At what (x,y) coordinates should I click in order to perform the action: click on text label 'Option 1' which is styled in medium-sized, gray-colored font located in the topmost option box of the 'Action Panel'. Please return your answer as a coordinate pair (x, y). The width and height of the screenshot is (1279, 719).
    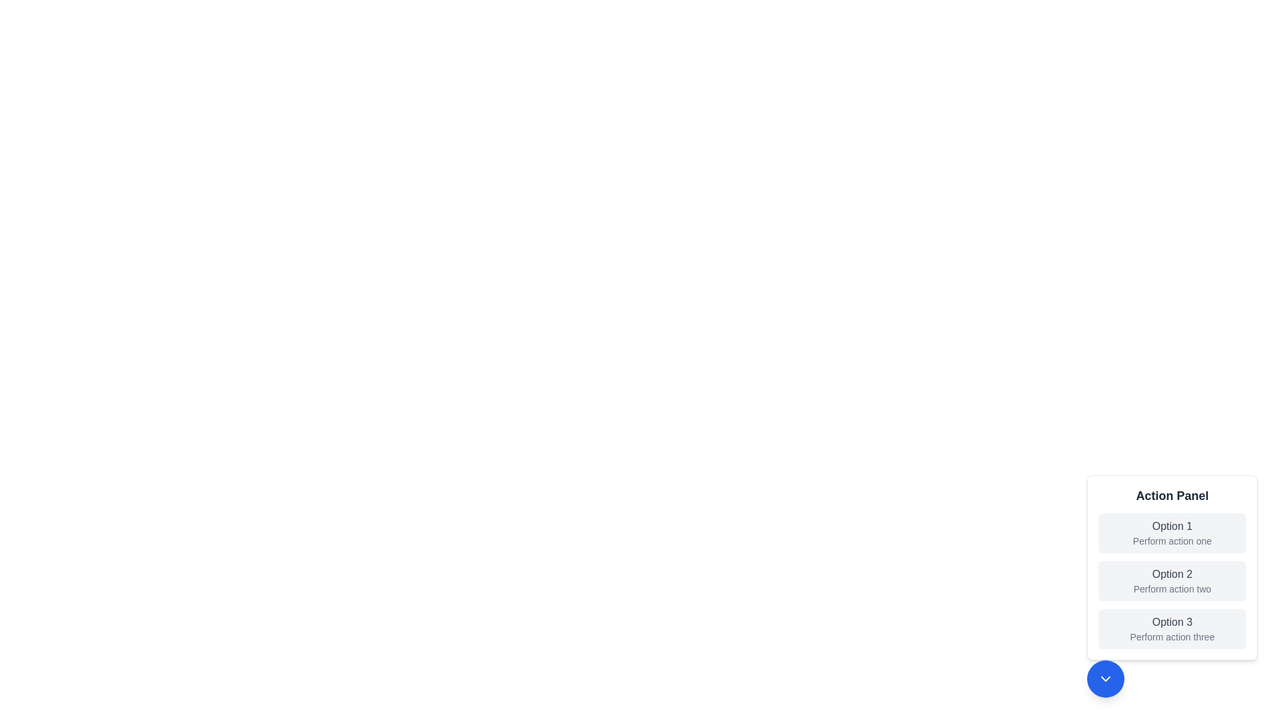
    Looking at the image, I should click on (1172, 525).